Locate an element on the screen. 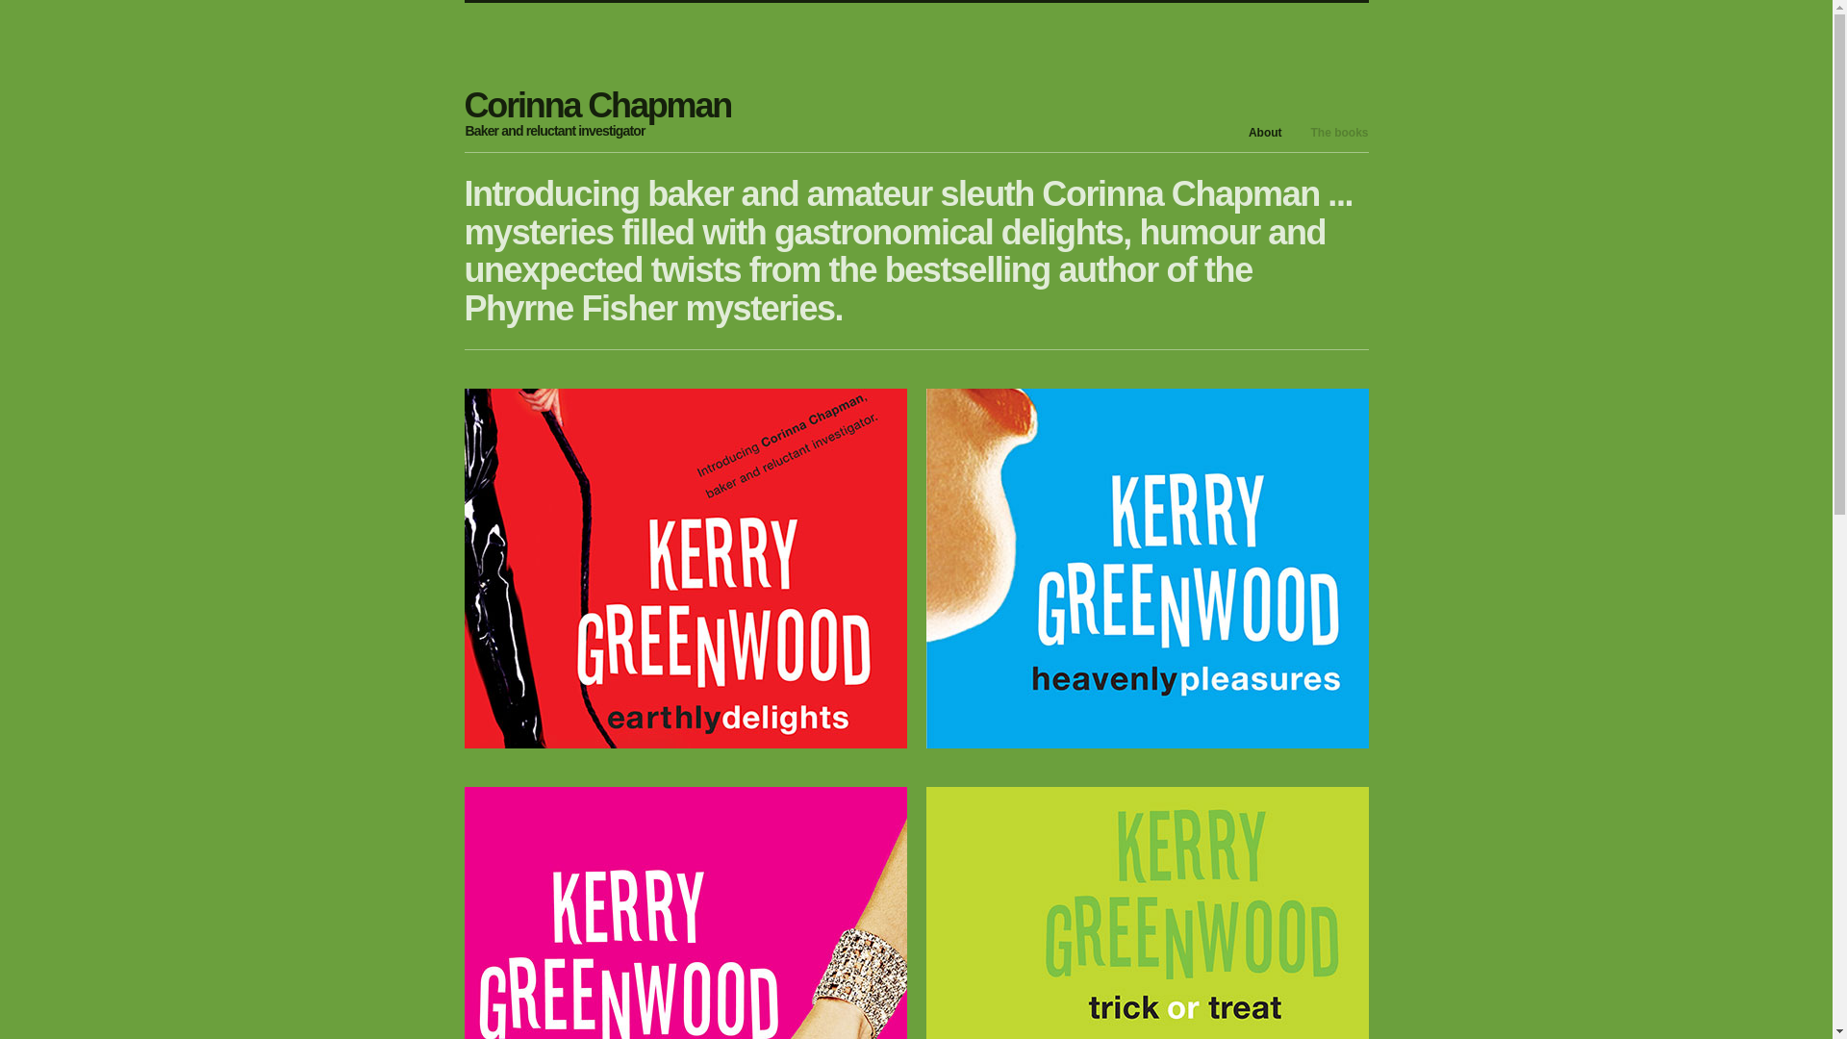 This screenshot has width=1847, height=1039. 'The books' is located at coordinates (1338, 132).